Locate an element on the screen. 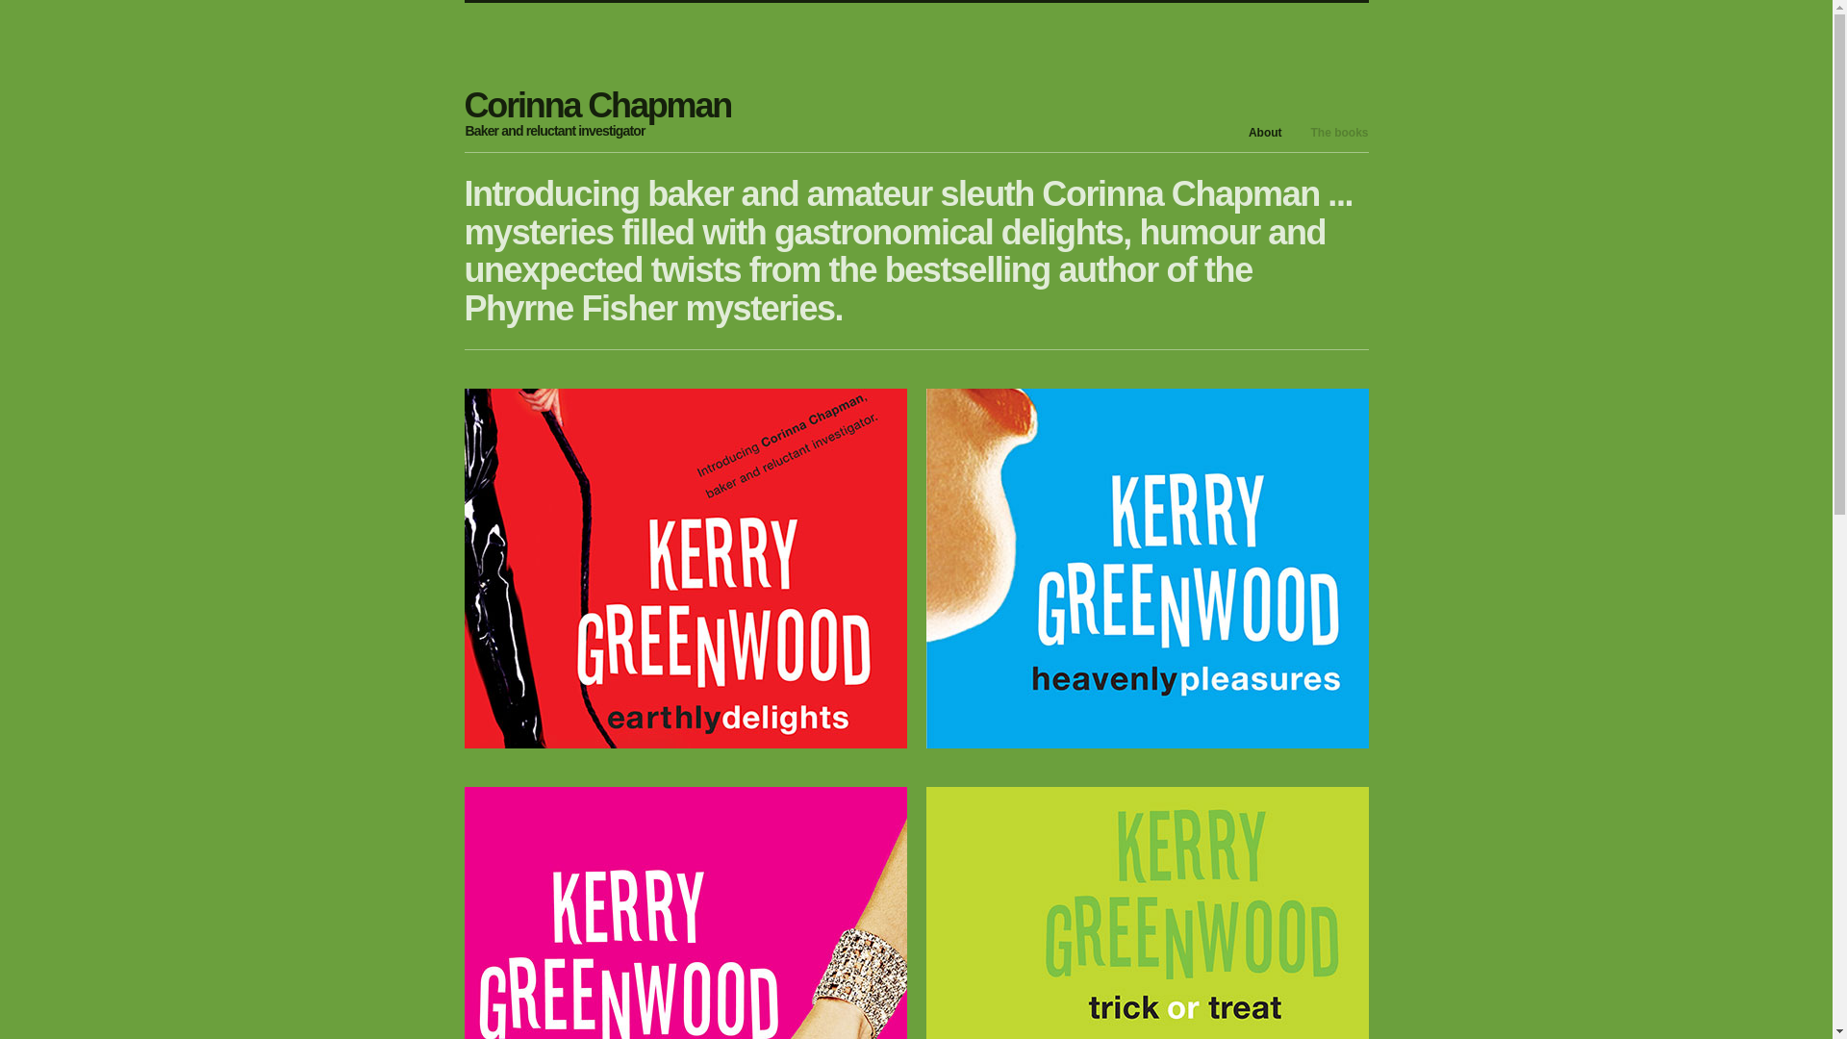 This screenshot has width=1847, height=1039. 'The books' is located at coordinates (1338, 132).